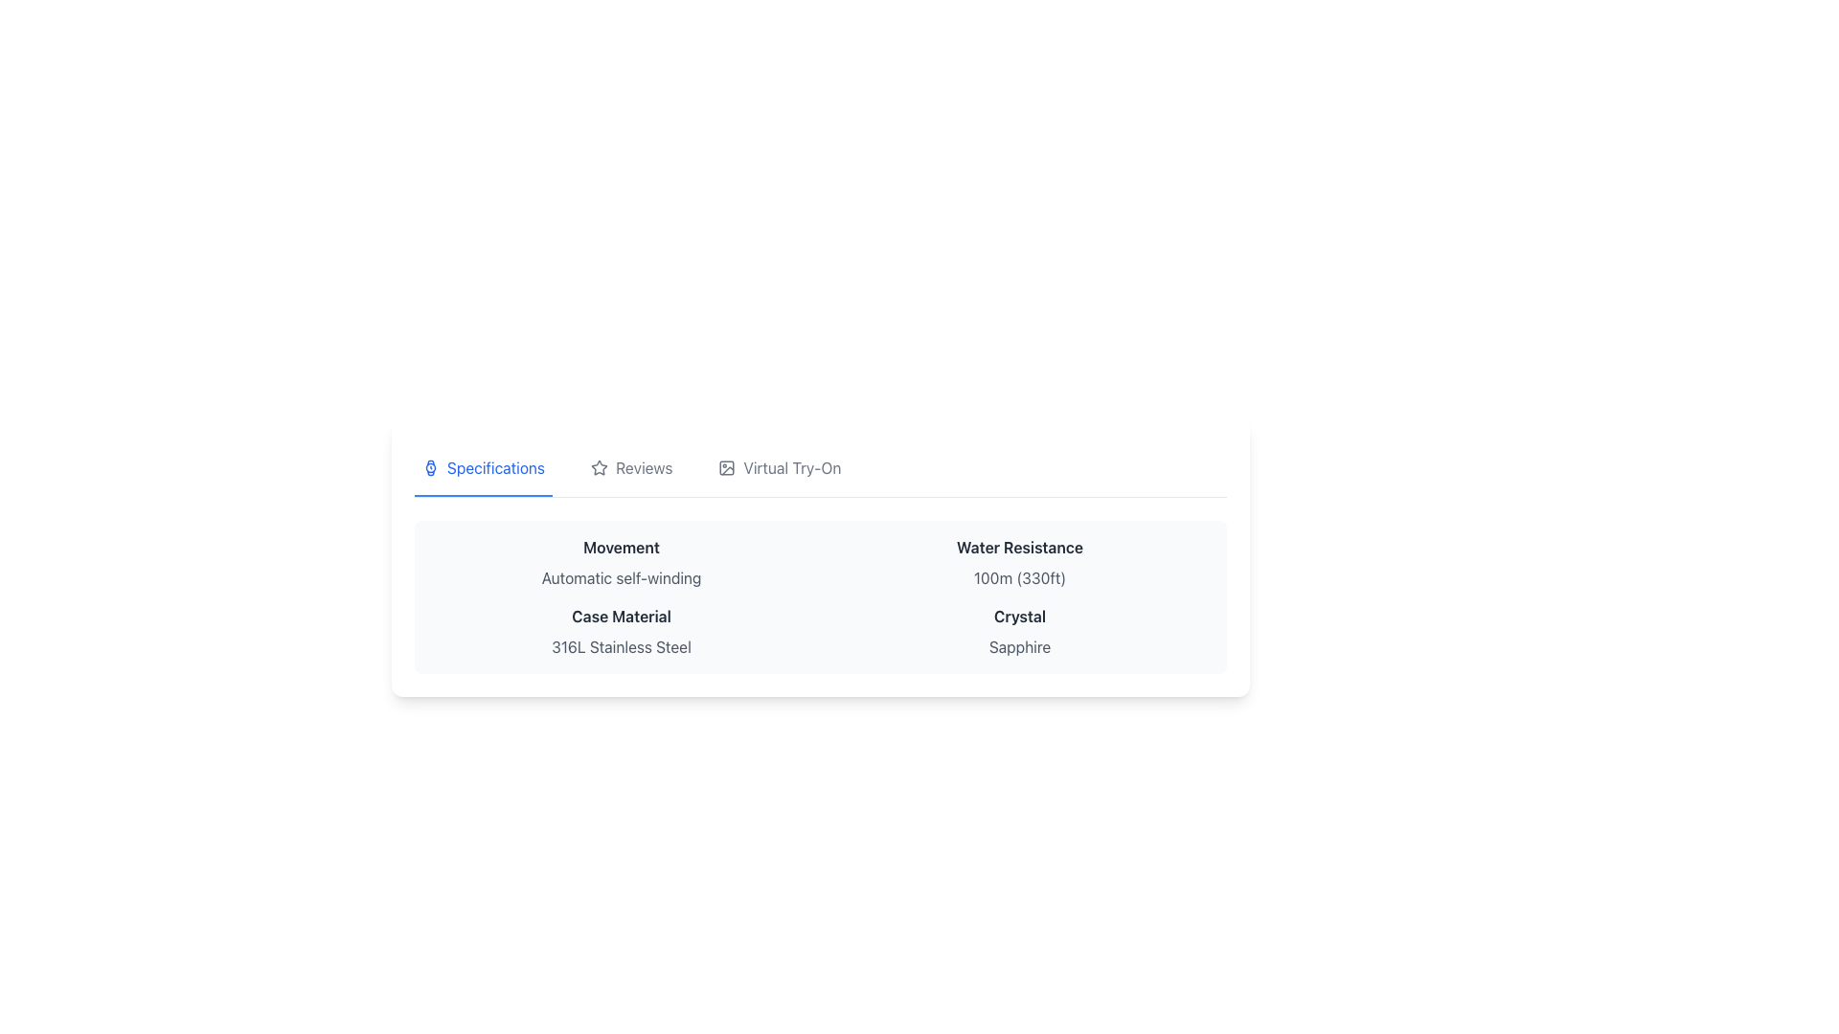 The height and width of the screenshot is (1034, 1839). What do you see at coordinates (821, 468) in the screenshot?
I see `the 'Virtual Try-On' tab button, which is the third section in a horizontal row of tabs labeled 'Specifications,' 'Reviews,' and 'Virtual Try-On.' The tab is styled as an interactive element with a distinct icon and text, and it is highlighted with a blue underline` at bounding box center [821, 468].